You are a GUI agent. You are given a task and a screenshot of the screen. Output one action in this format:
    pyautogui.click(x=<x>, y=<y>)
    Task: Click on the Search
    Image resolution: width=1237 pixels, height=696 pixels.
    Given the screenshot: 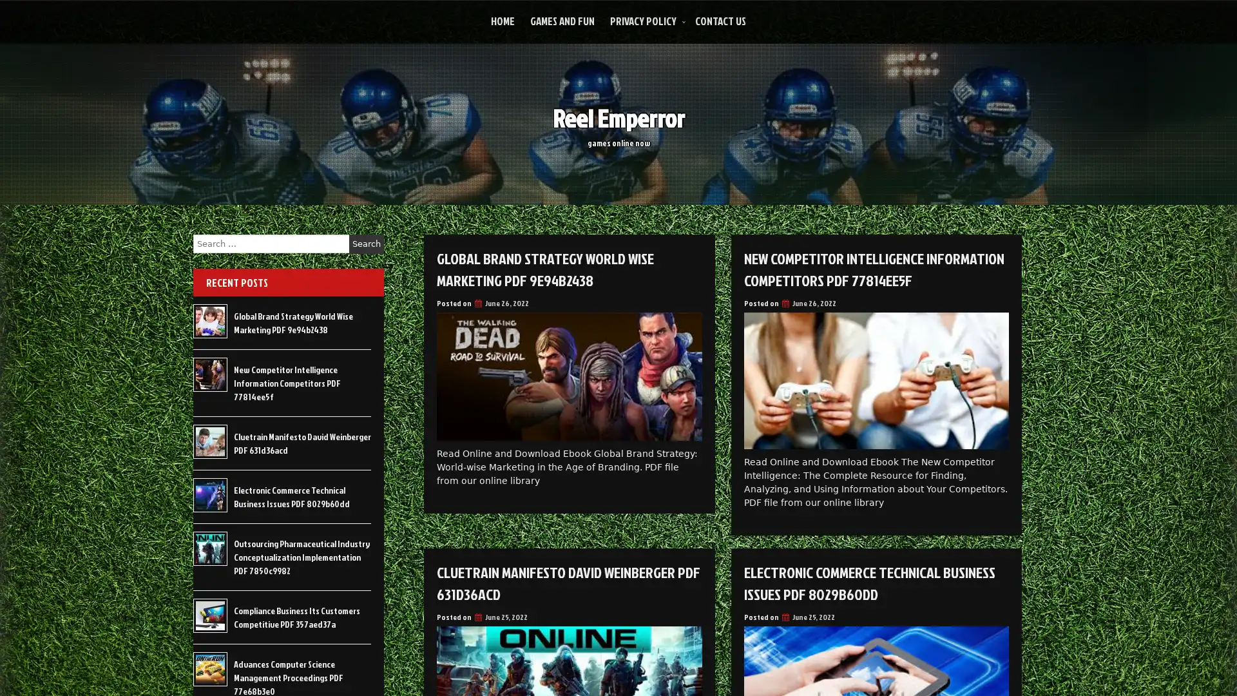 What is the action you would take?
    pyautogui.click(x=366, y=244)
    